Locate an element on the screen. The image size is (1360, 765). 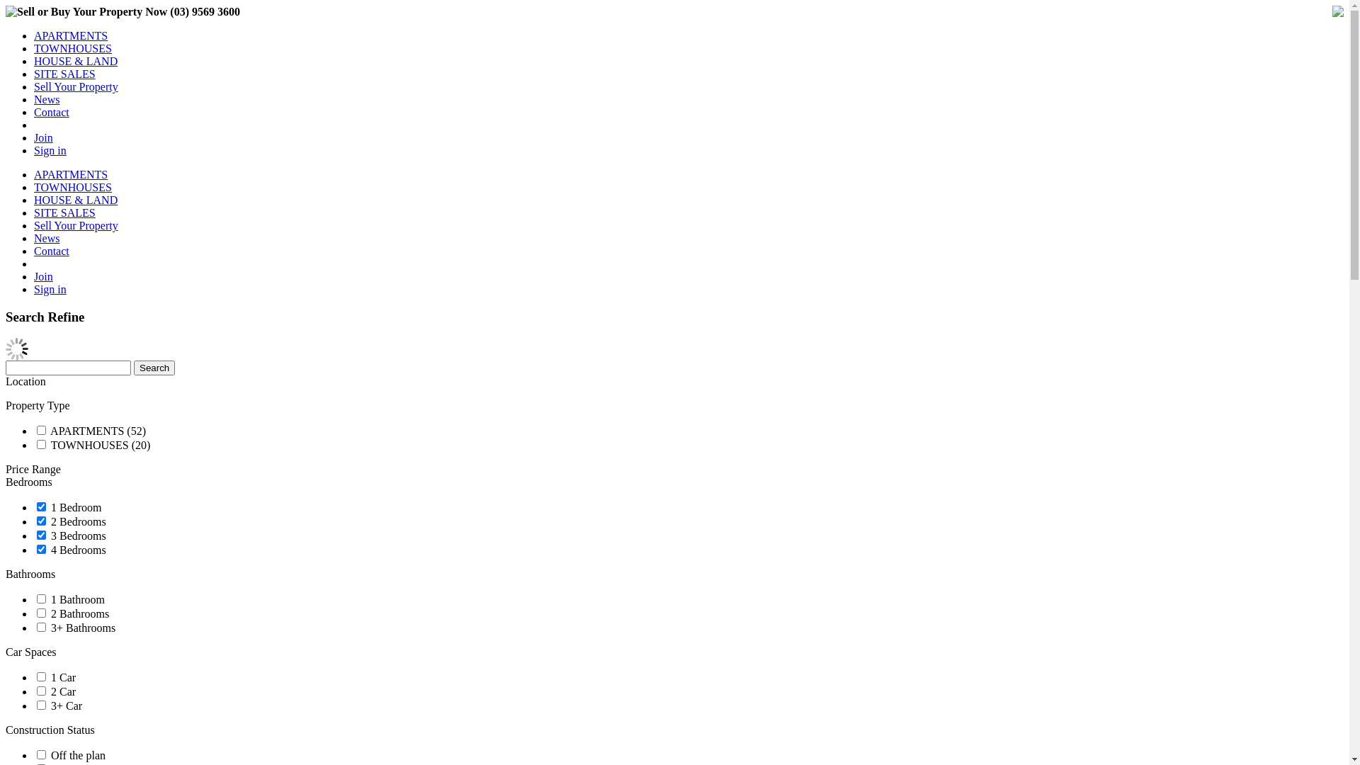
'TOWNHOUSES' is located at coordinates (72, 47).